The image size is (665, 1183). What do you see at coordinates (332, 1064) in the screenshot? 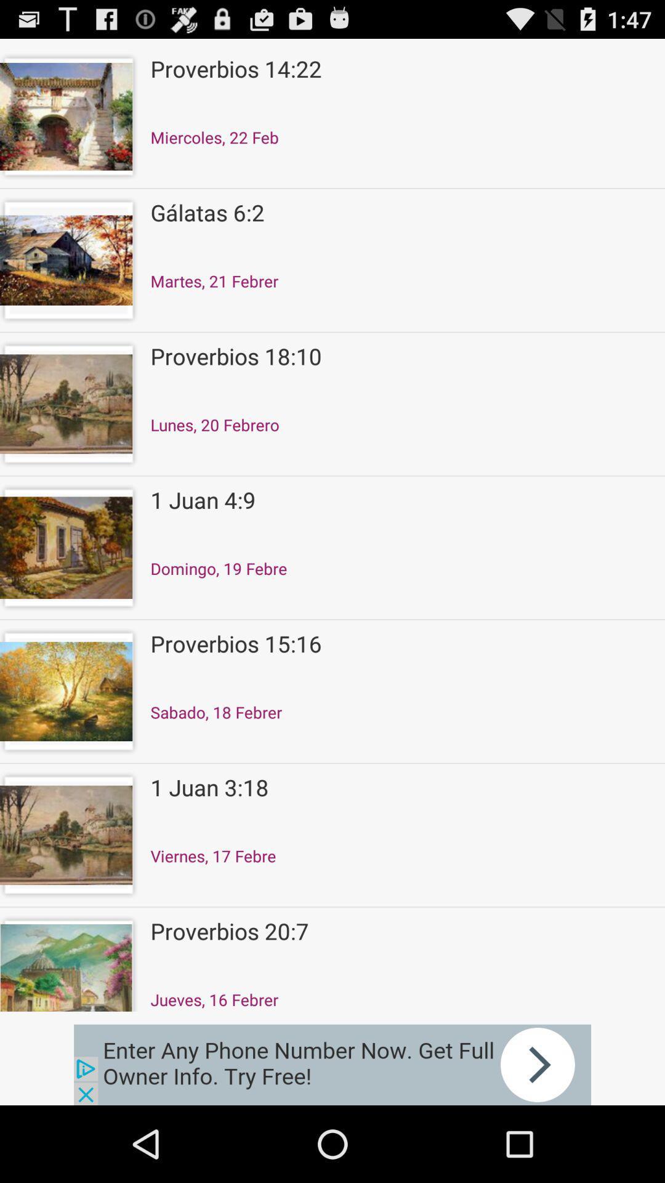
I see `advertisement banner` at bounding box center [332, 1064].